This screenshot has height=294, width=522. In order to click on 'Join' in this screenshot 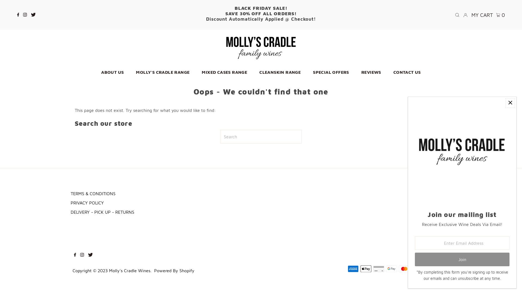, I will do `click(462, 259)`.